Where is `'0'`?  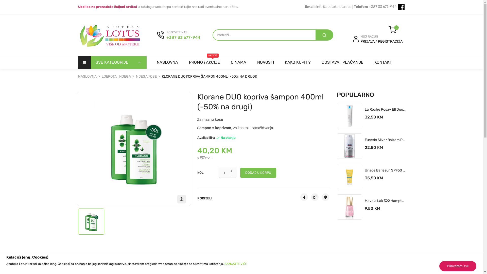 '0' is located at coordinates (392, 29).